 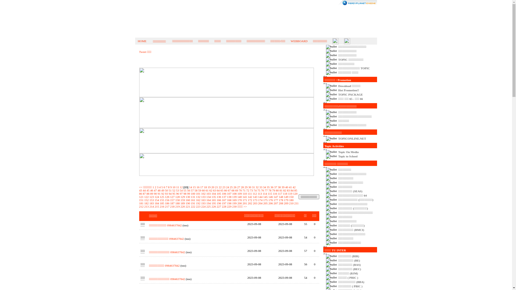 What do you see at coordinates (258, 203) in the screenshot?
I see `'204'` at bounding box center [258, 203].